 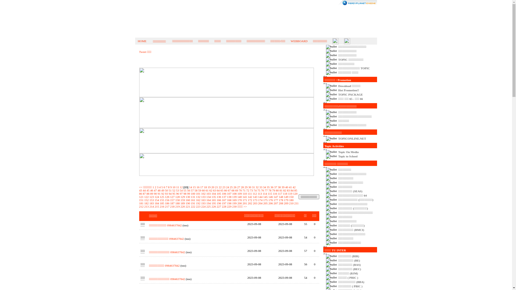 What do you see at coordinates (258, 203) in the screenshot?
I see `'204'` at bounding box center [258, 203].